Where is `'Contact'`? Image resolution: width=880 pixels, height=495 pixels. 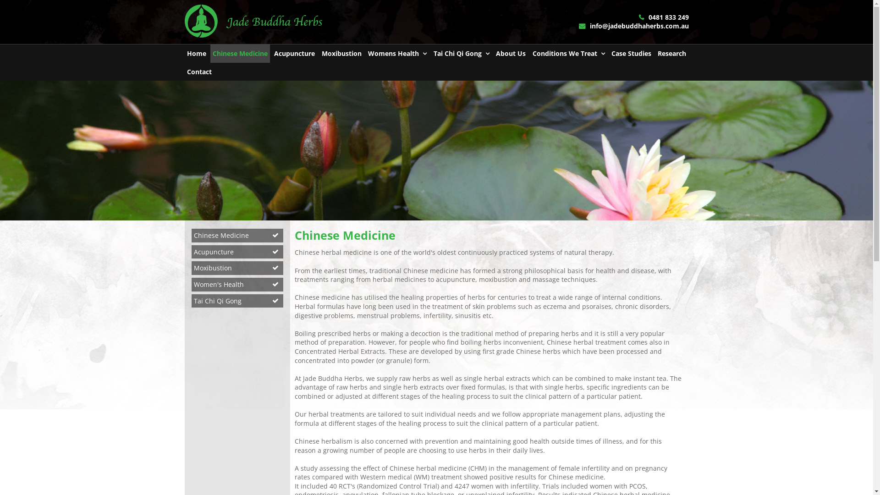
'Contact' is located at coordinates (184, 71).